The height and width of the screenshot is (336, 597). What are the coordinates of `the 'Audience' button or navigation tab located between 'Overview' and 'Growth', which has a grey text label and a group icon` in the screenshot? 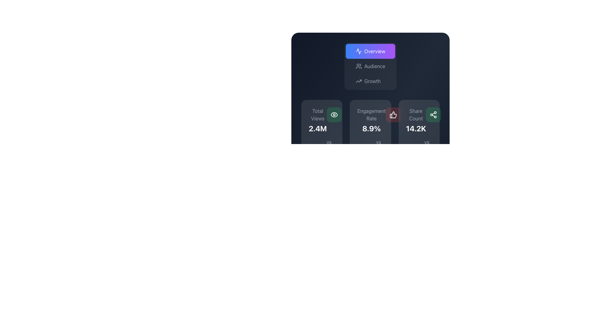 It's located at (370, 66).